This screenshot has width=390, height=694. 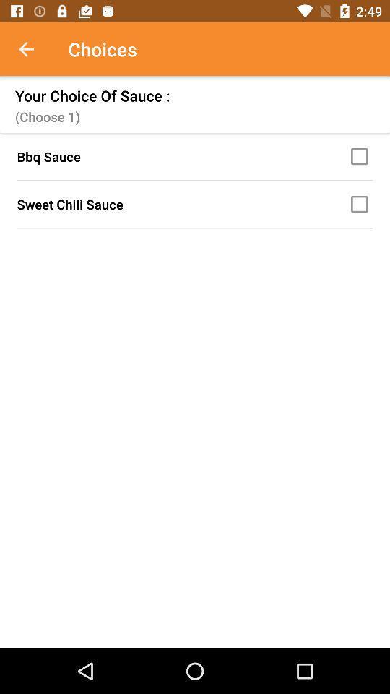 What do you see at coordinates (361, 203) in the screenshot?
I see `choose sweet chili sauce` at bounding box center [361, 203].